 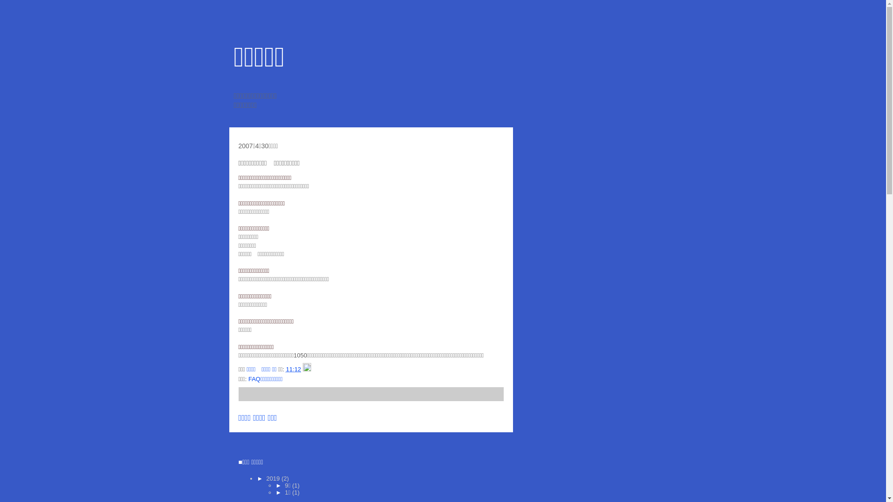 What do you see at coordinates (293, 369) in the screenshot?
I see `'11:12'` at bounding box center [293, 369].